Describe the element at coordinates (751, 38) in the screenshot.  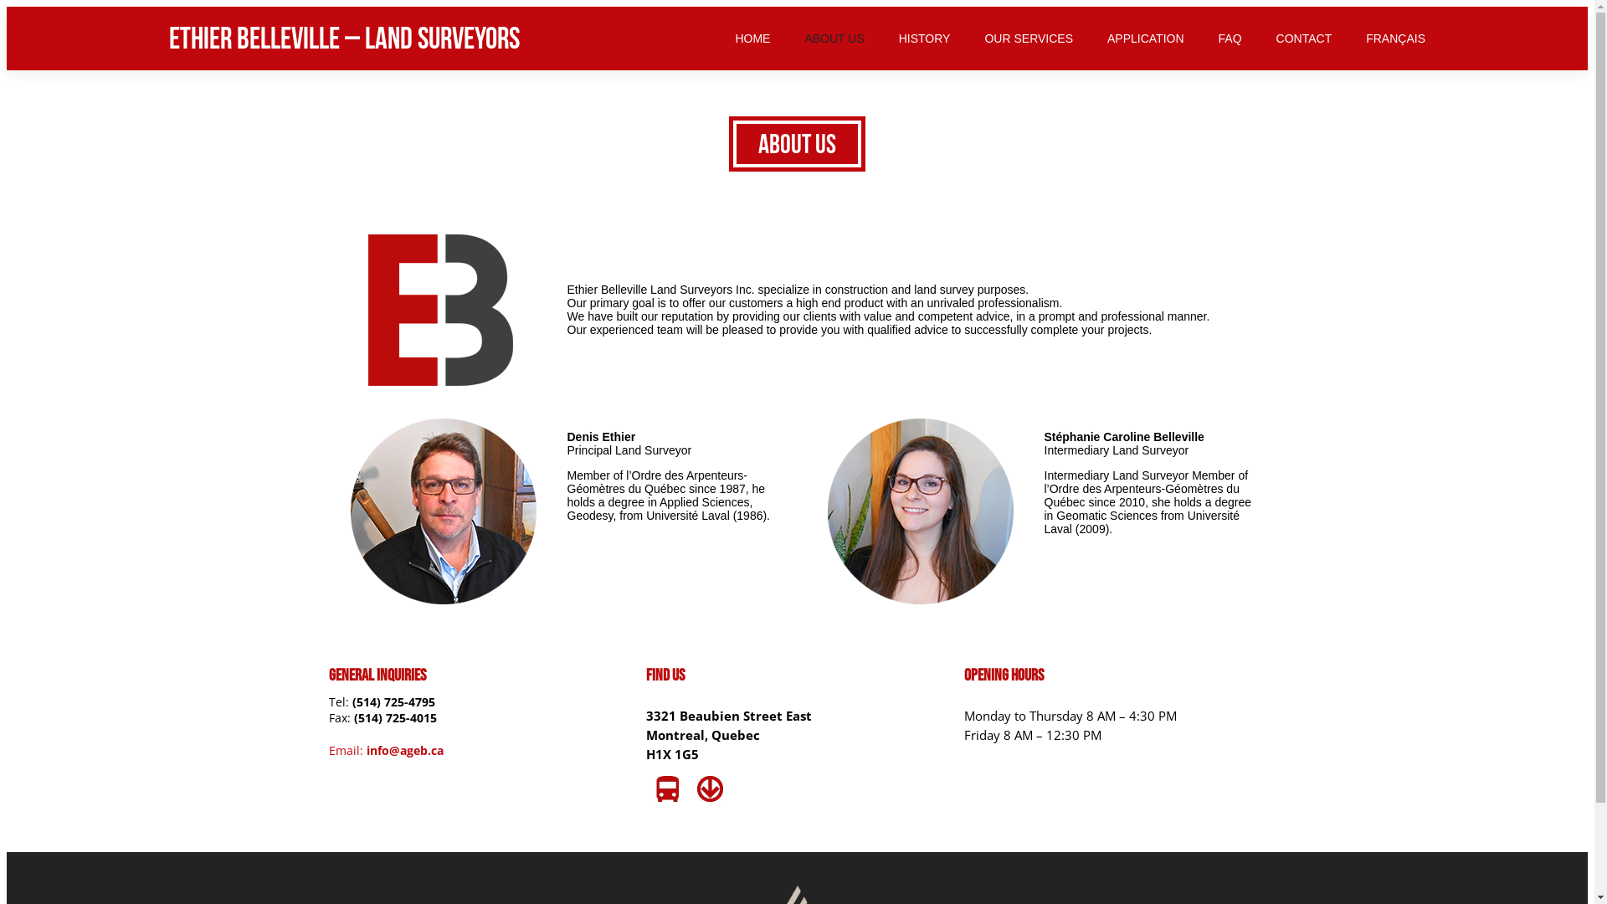
I see `'HOME'` at that location.